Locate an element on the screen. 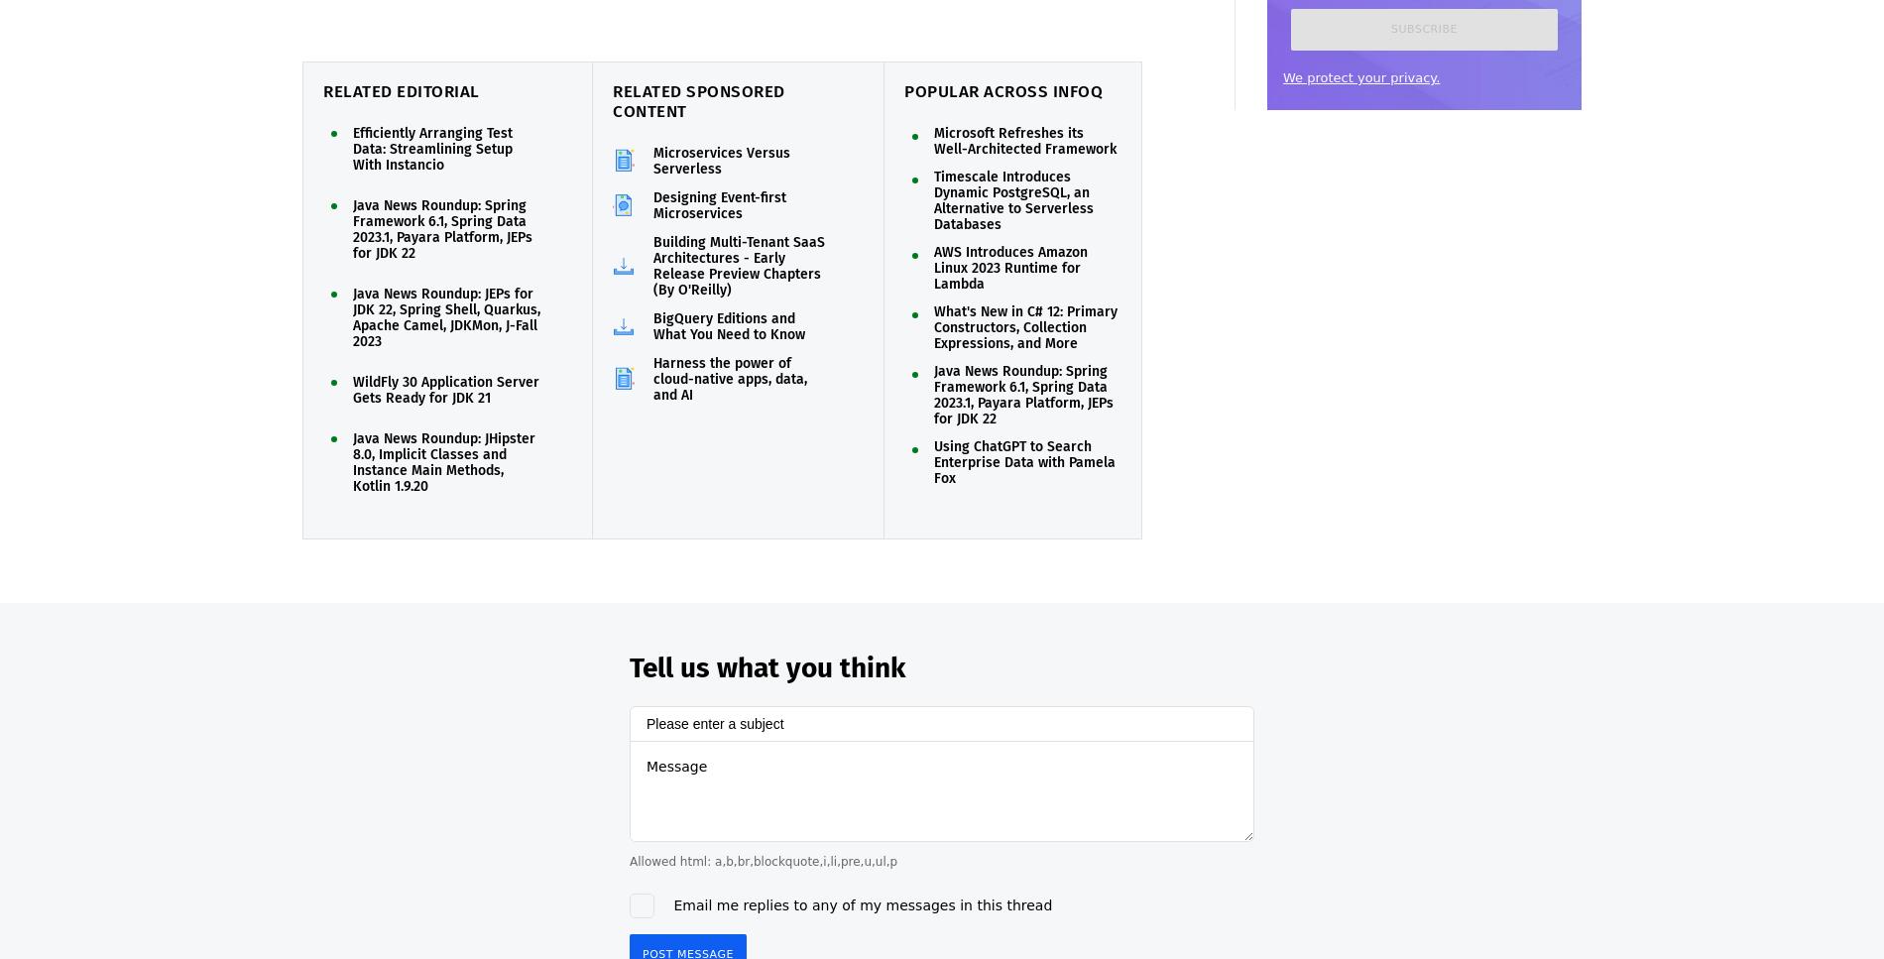  'Microservices Versus Serverless' is located at coordinates (721, 161).